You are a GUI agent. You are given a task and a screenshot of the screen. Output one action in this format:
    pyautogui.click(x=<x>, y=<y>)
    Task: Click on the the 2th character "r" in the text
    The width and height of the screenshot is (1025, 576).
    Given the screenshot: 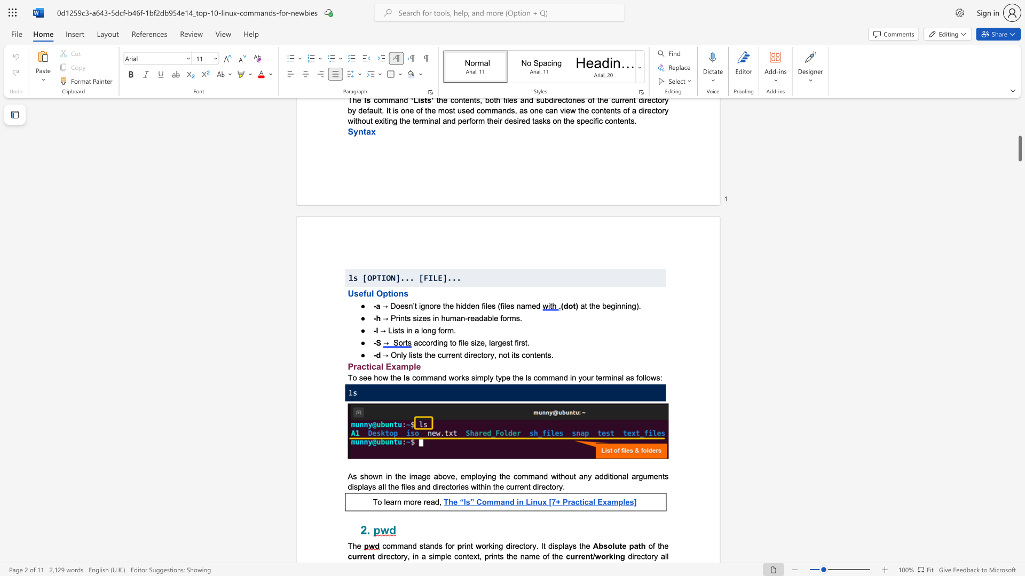 What is the action you would take?
    pyautogui.click(x=415, y=502)
    